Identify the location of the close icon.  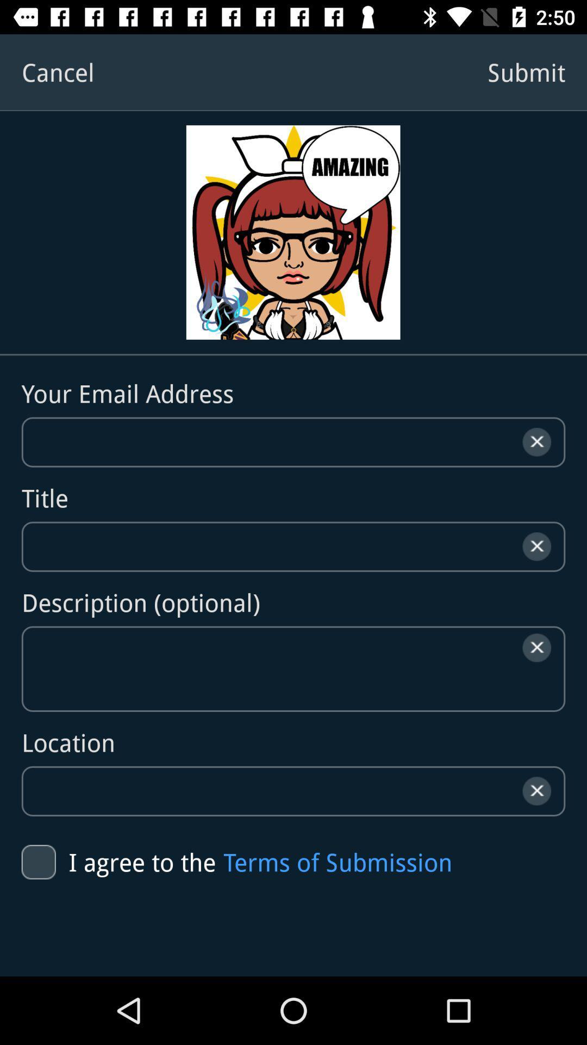
(536, 442).